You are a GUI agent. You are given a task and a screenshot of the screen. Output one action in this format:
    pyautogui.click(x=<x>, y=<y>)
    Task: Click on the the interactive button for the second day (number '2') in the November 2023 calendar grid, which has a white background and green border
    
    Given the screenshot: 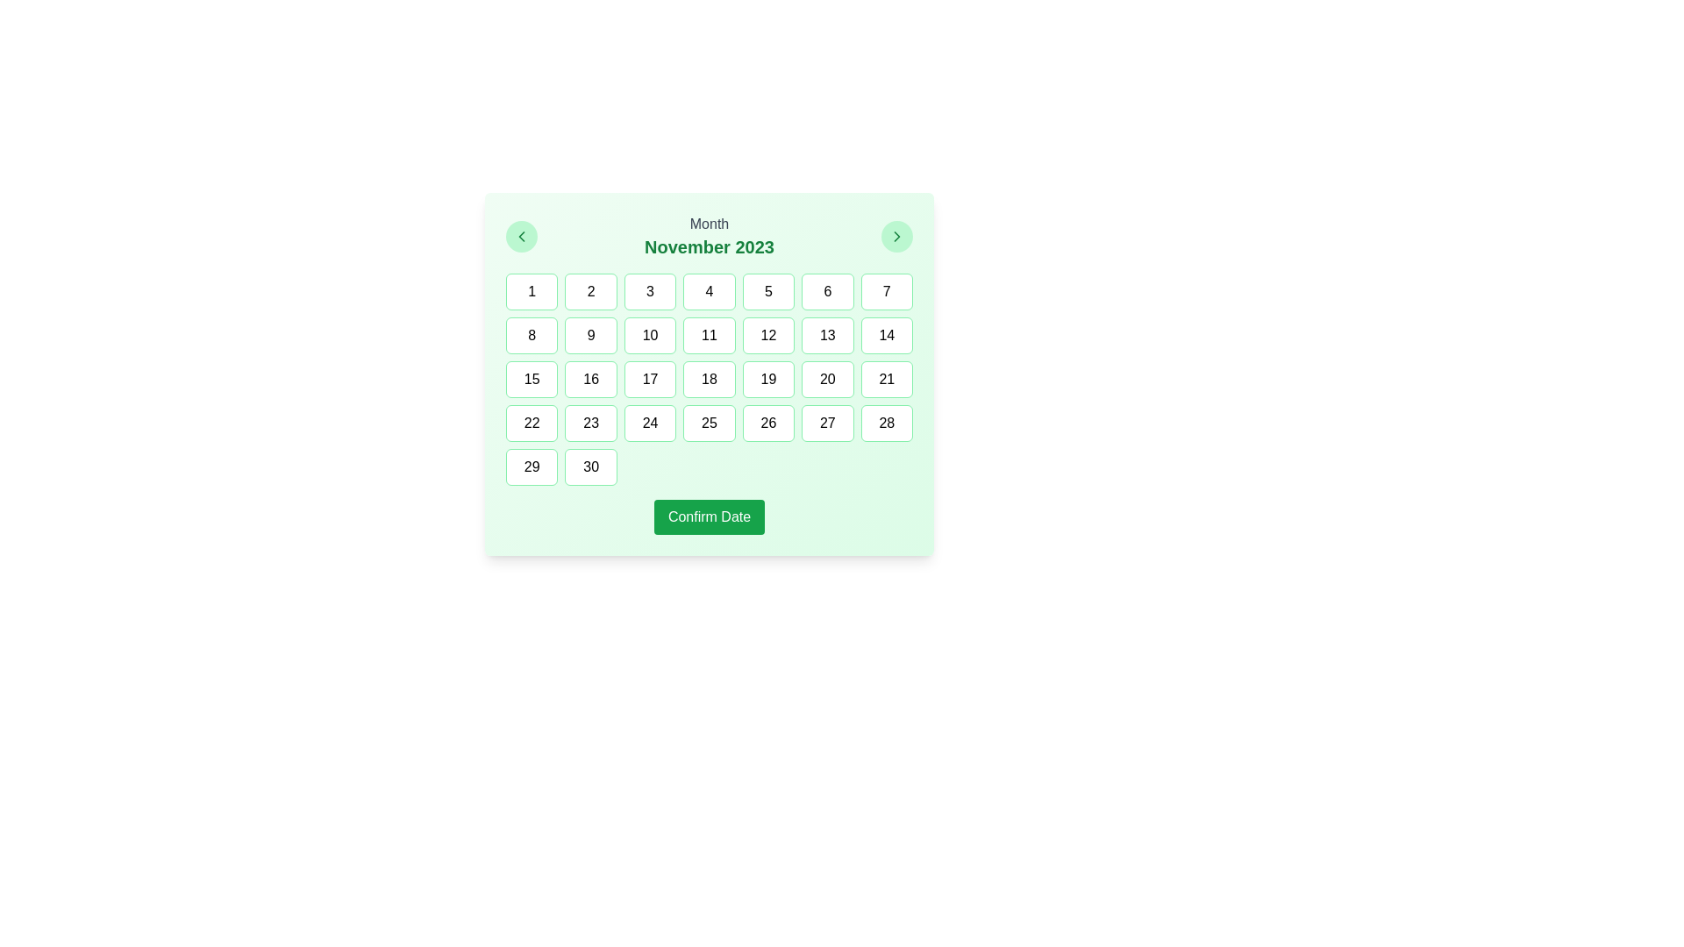 What is the action you would take?
    pyautogui.click(x=591, y=290)
    